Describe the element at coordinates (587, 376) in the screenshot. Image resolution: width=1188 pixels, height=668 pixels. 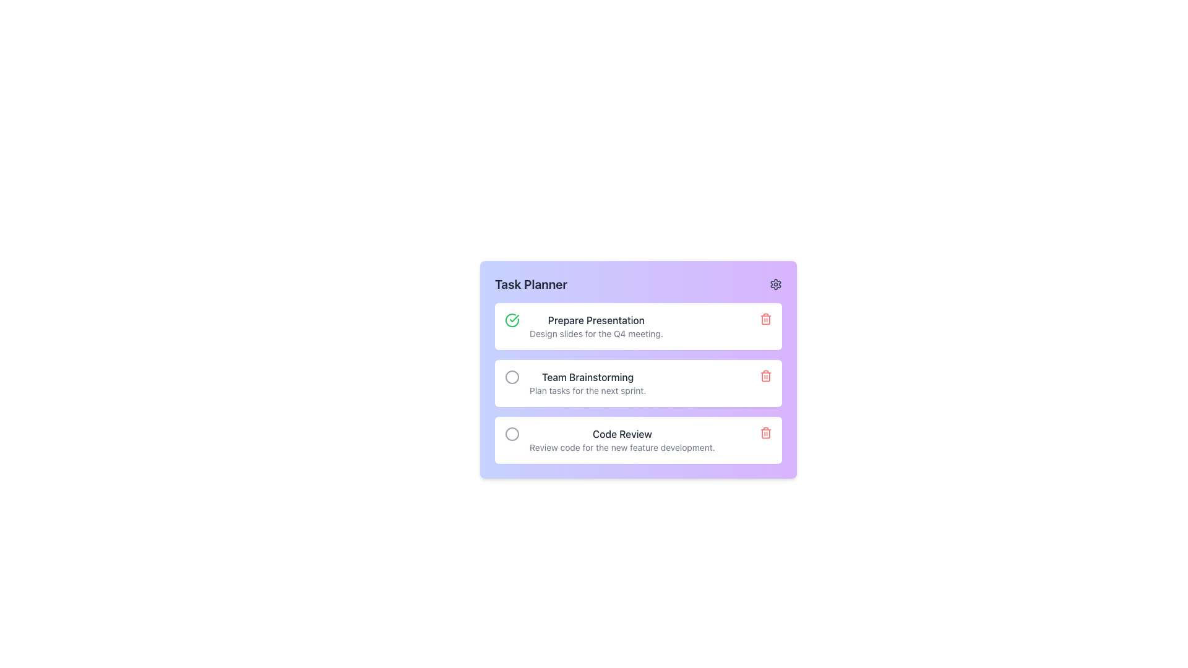
I see `the text label displaying 'Team Brainstorming', which is a medium-sized dark gray text located in the middle of the second task card under the 'Task Planner' section` at that location.